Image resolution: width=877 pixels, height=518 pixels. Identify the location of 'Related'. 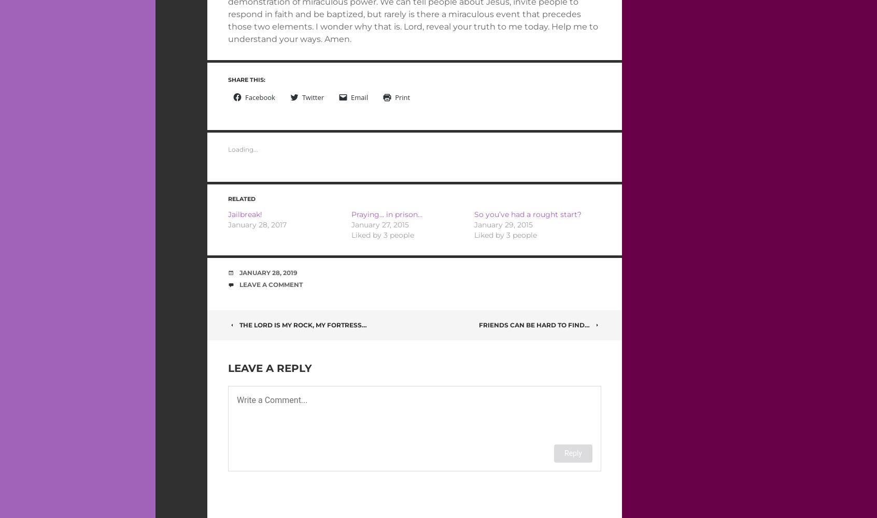
(227, 199).